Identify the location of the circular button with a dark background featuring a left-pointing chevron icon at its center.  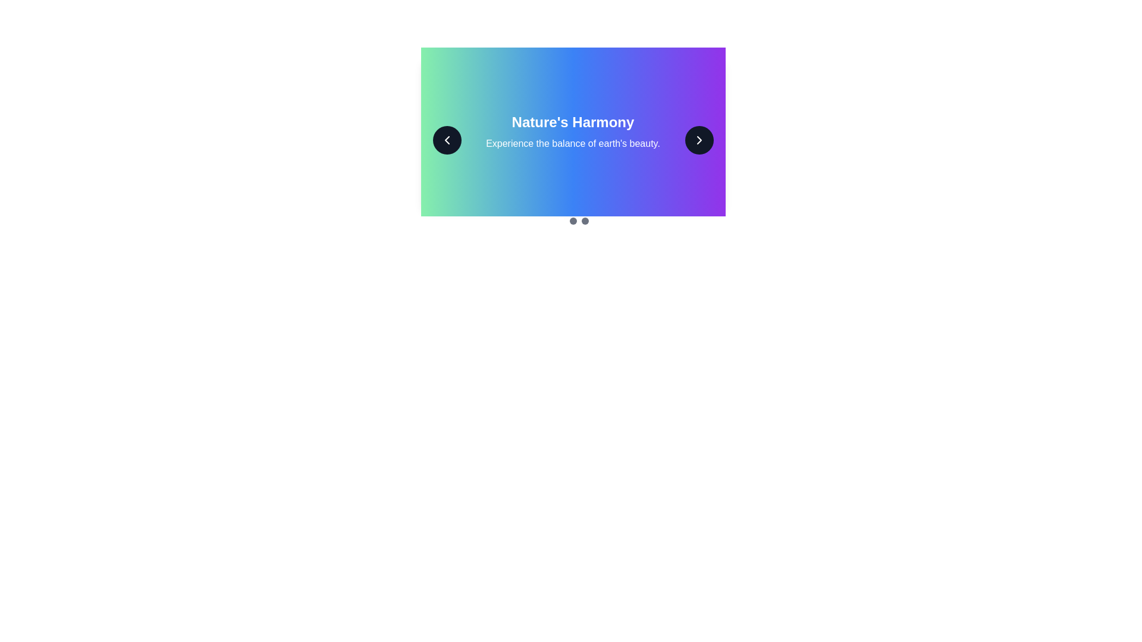
(446, 139).